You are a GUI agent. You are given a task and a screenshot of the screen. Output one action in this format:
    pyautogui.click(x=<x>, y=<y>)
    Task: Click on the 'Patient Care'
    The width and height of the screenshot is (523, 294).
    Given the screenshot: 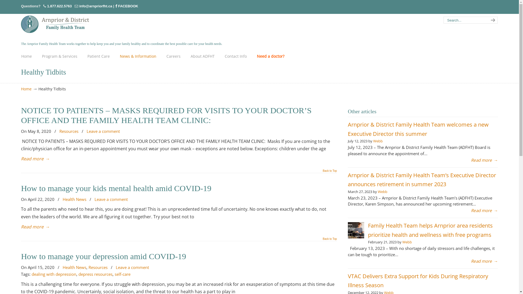 What is the action you would take?
    pyautogui.click(x=82, y=56)
    